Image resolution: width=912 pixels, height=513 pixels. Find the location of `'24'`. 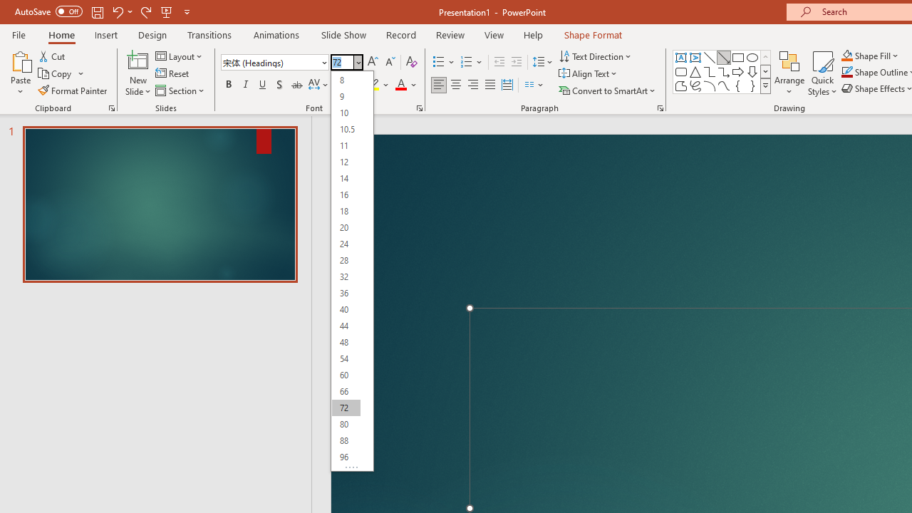

'24' is located at coordinates (346, 243).